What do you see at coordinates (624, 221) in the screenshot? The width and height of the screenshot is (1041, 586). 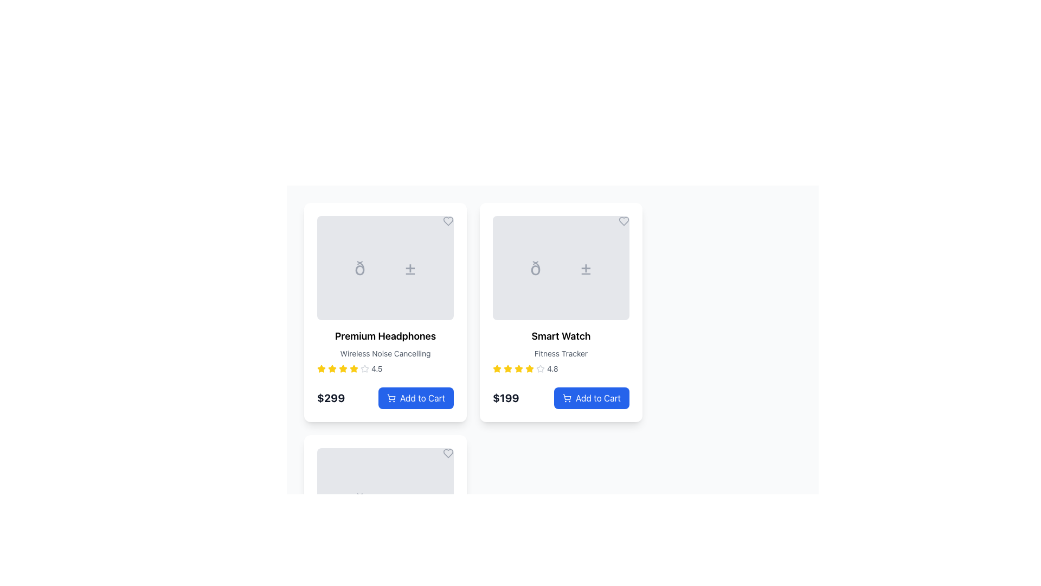 I see `the favorite button located at the top-right corner of the Smart Watch card` at bounding box center [624, 221].